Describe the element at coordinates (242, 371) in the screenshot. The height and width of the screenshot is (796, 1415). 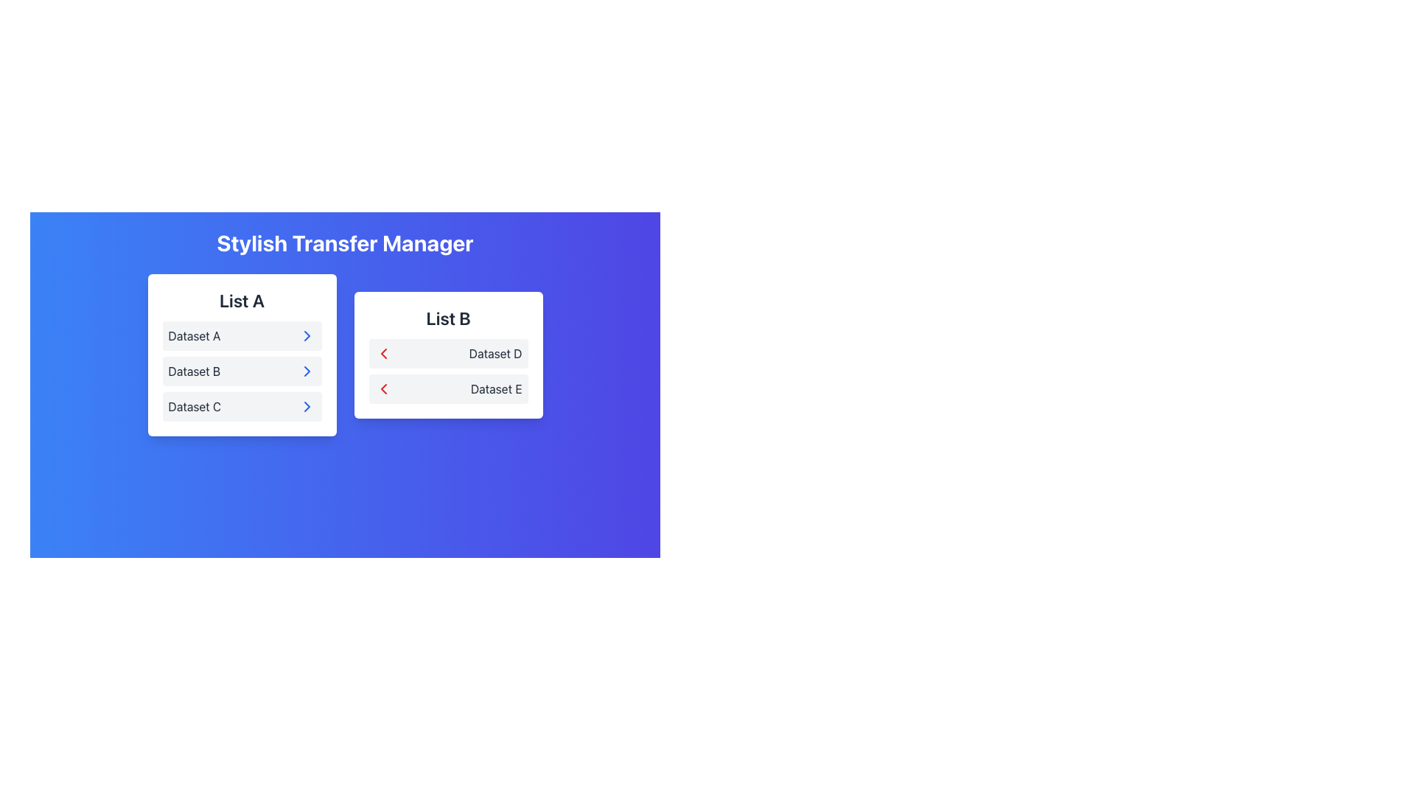
I see `the second item in 'List A', which corresponds to 'Dataset B'` at that location.